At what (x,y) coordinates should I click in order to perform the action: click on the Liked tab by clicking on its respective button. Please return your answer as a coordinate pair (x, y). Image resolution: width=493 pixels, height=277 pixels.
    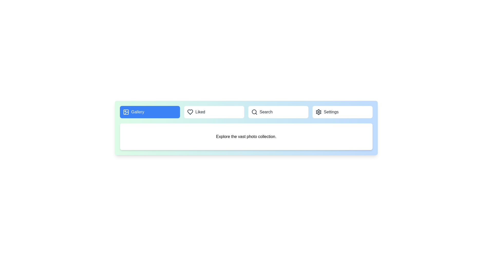
    Looking at the image, I should click on (214, 112).